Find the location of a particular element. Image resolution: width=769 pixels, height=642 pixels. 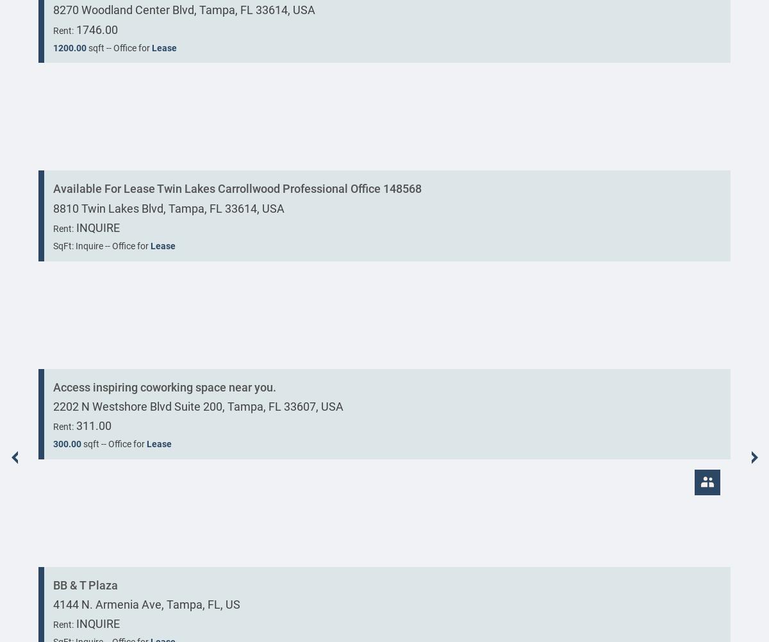

'1746.00' is located at coordinates (96, 29).